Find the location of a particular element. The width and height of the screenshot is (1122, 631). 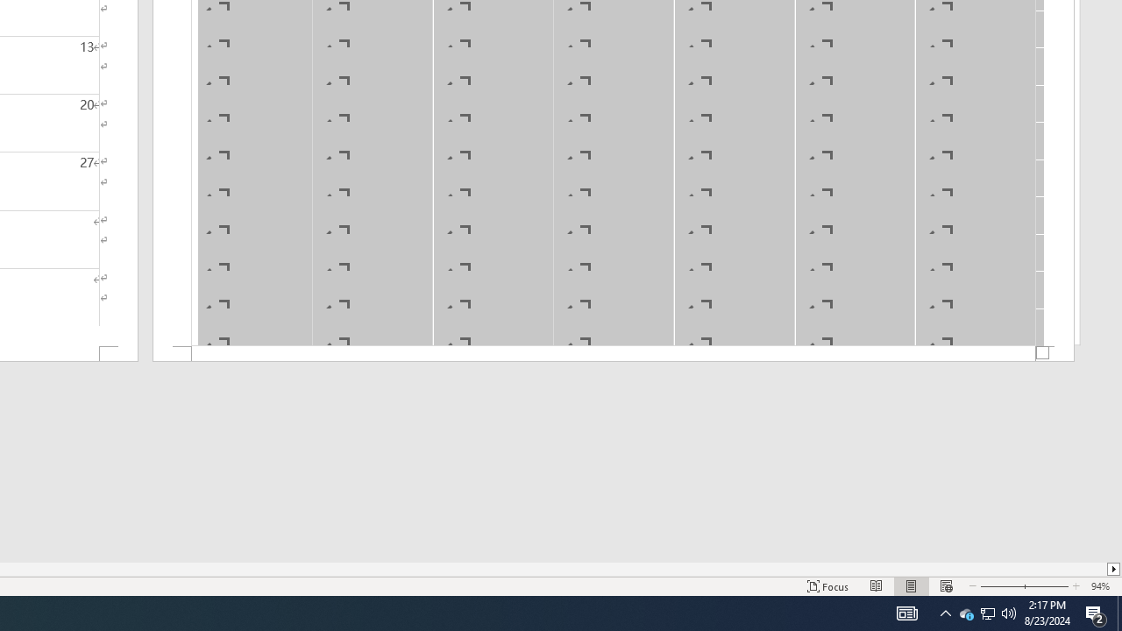

'Footer -Section 1-' is located at coordinates (614, 354).